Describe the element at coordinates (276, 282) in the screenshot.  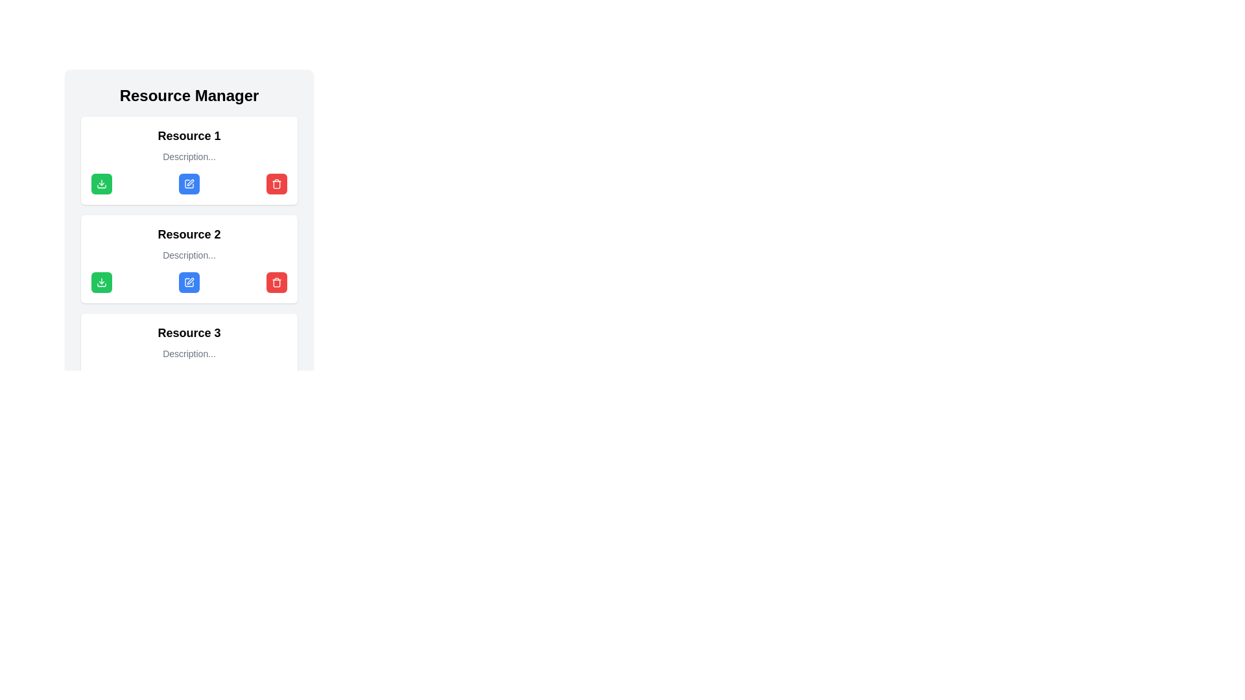
I see `the outline style segment of the trash icon, which represents a delete action, located to the right of the 'Resource 2' label in the Resource Manager interface` at that location.